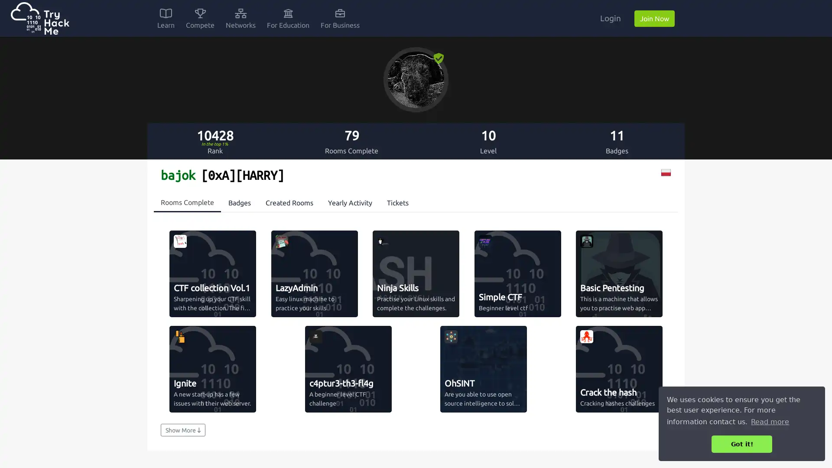  What do you see at coordinates (741, 444) in the screenshot?
I see `dismiss cookie message` at bounding box center [741, 444].